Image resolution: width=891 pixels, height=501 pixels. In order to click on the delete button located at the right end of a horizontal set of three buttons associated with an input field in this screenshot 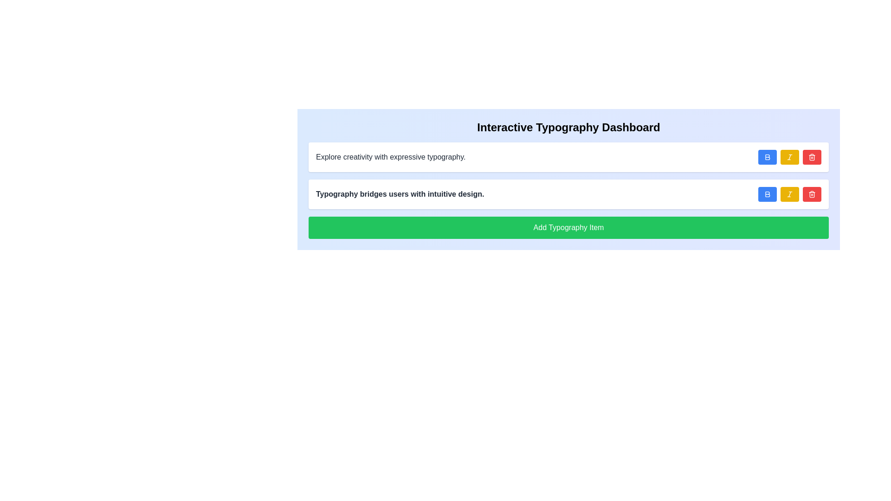, I will do `click(812, 194)`.